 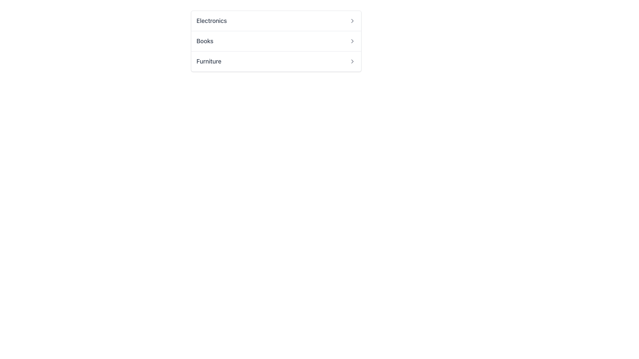 I want to click on the 'Furniture' navigation item, which is the third item in a vertical list, so click(x=276, y=61).